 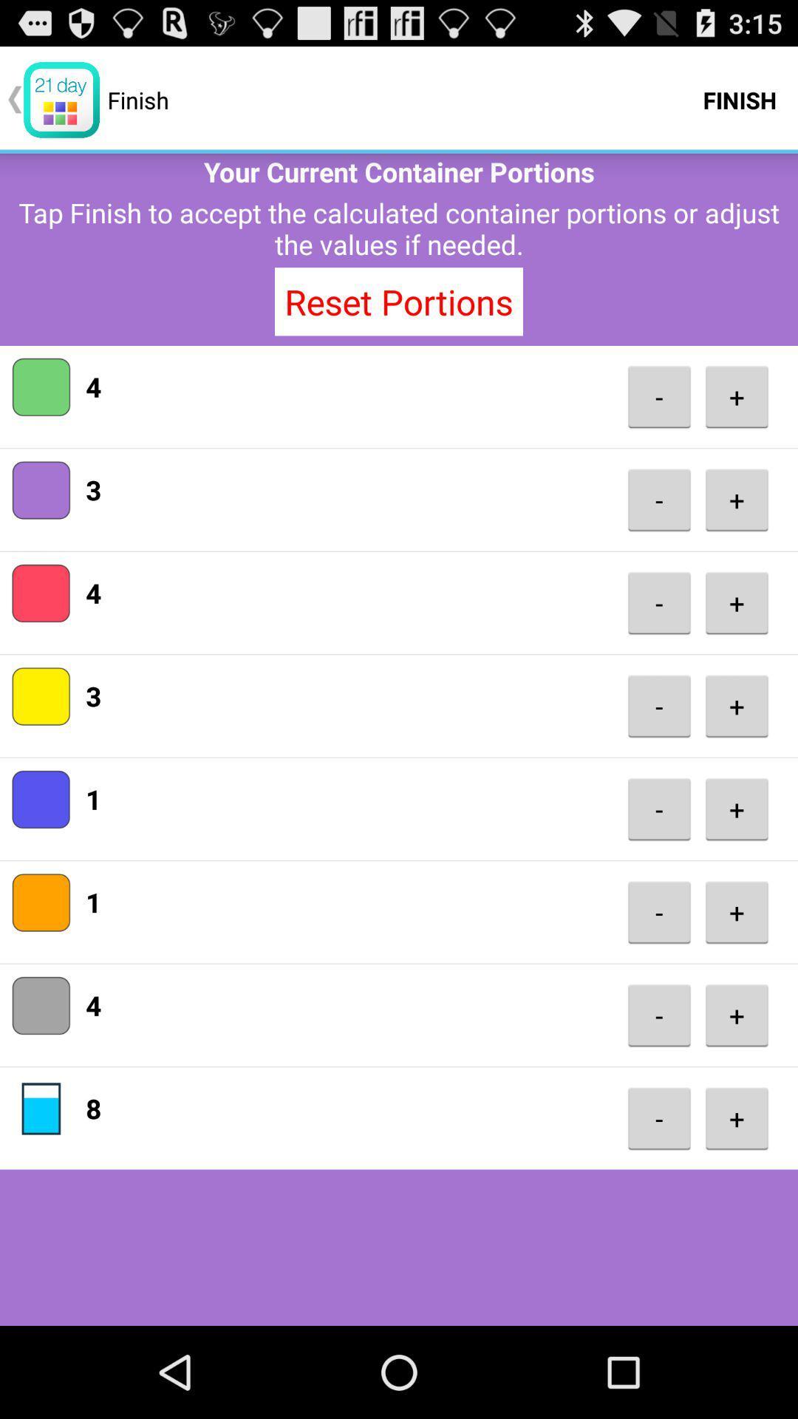 What do you see at coordinates (658, 603) in the screenshot?
I see `the icon next to the 4 app` at bounding box center [658, 603].